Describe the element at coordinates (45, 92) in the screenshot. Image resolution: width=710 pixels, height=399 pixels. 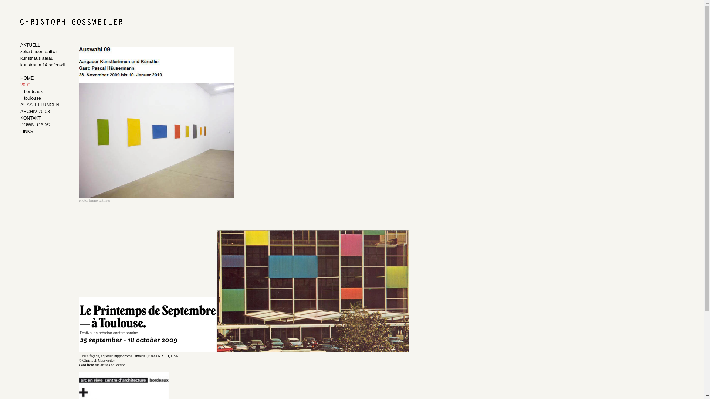
I see `'bordeaux'` at that location.